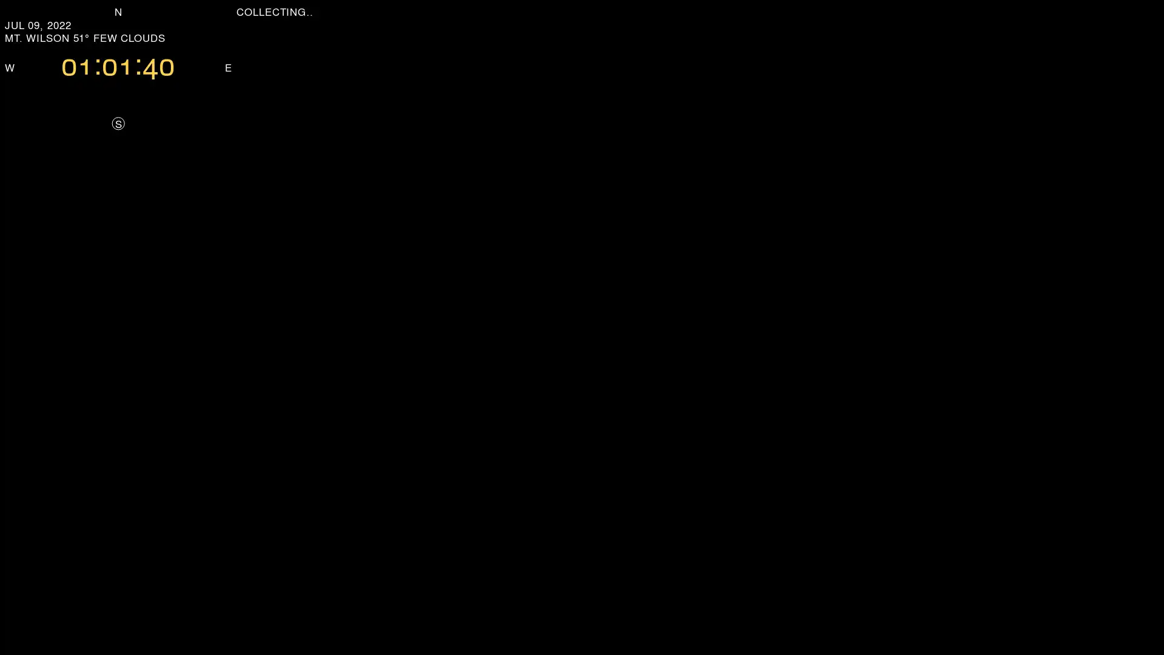 Image resolution: width=1164 pixels, height=655 pixels. I want to click on W, so click(9, 67).